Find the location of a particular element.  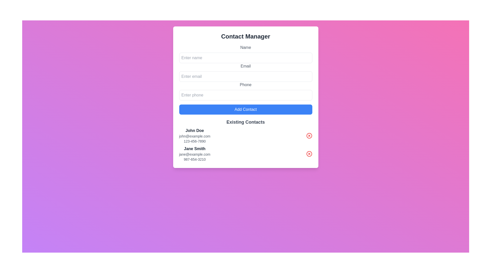

the 'Add Contact' button, which is a rectangular button with a blue background and white text, located at the bottom of the form below the input fields is located at coordinates (246, 109).